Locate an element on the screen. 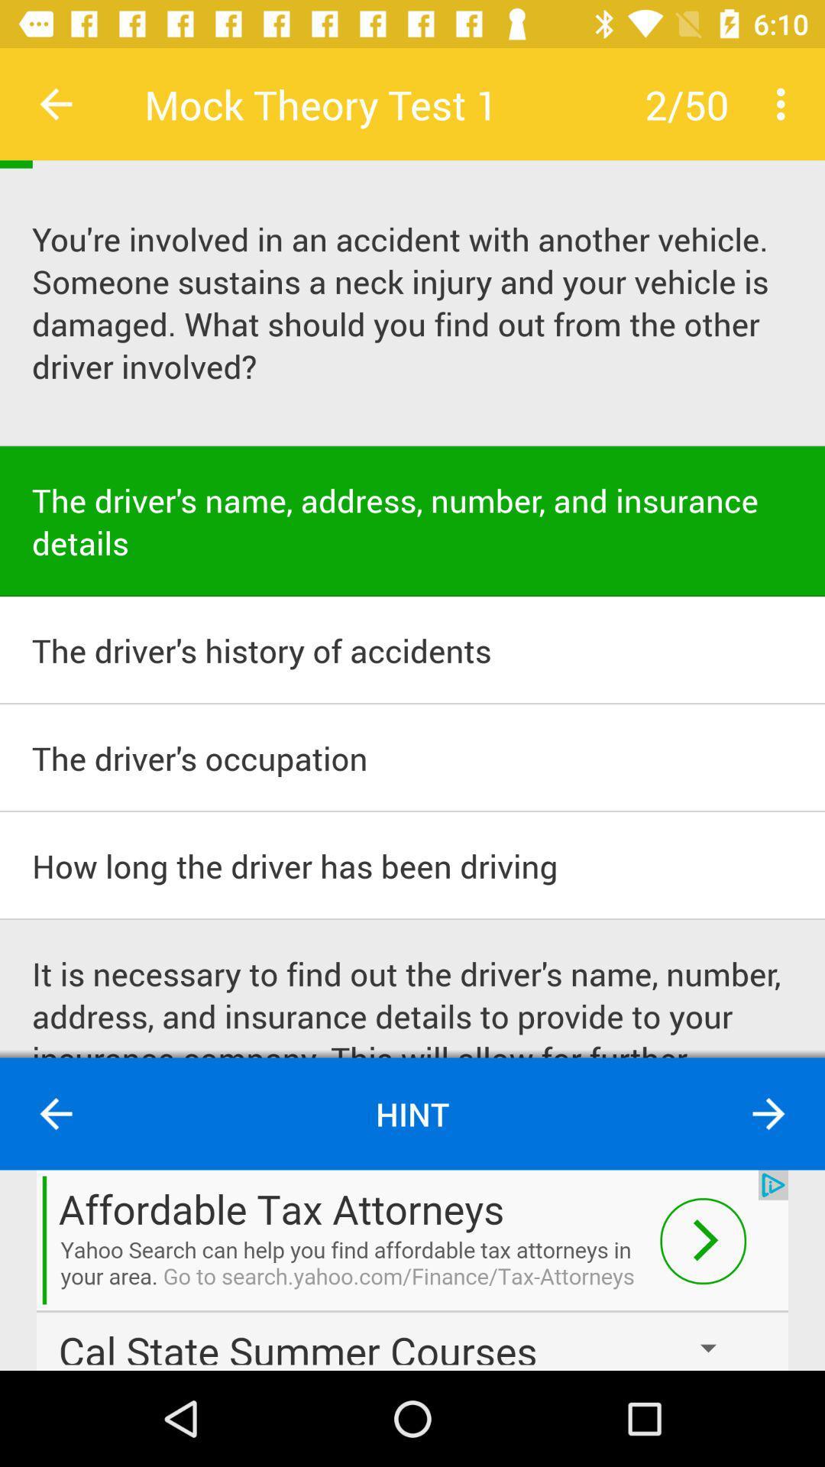 The width and height of the screenshot is (825, 1467). next hint is located at coordinates (768, 1114).